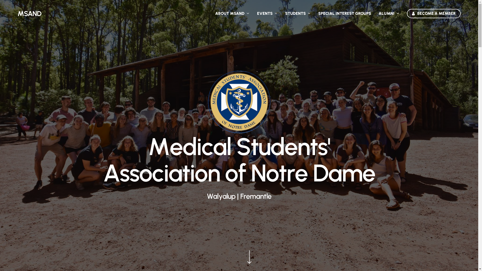  I want to click on 'MSAND', so click(18, 13).